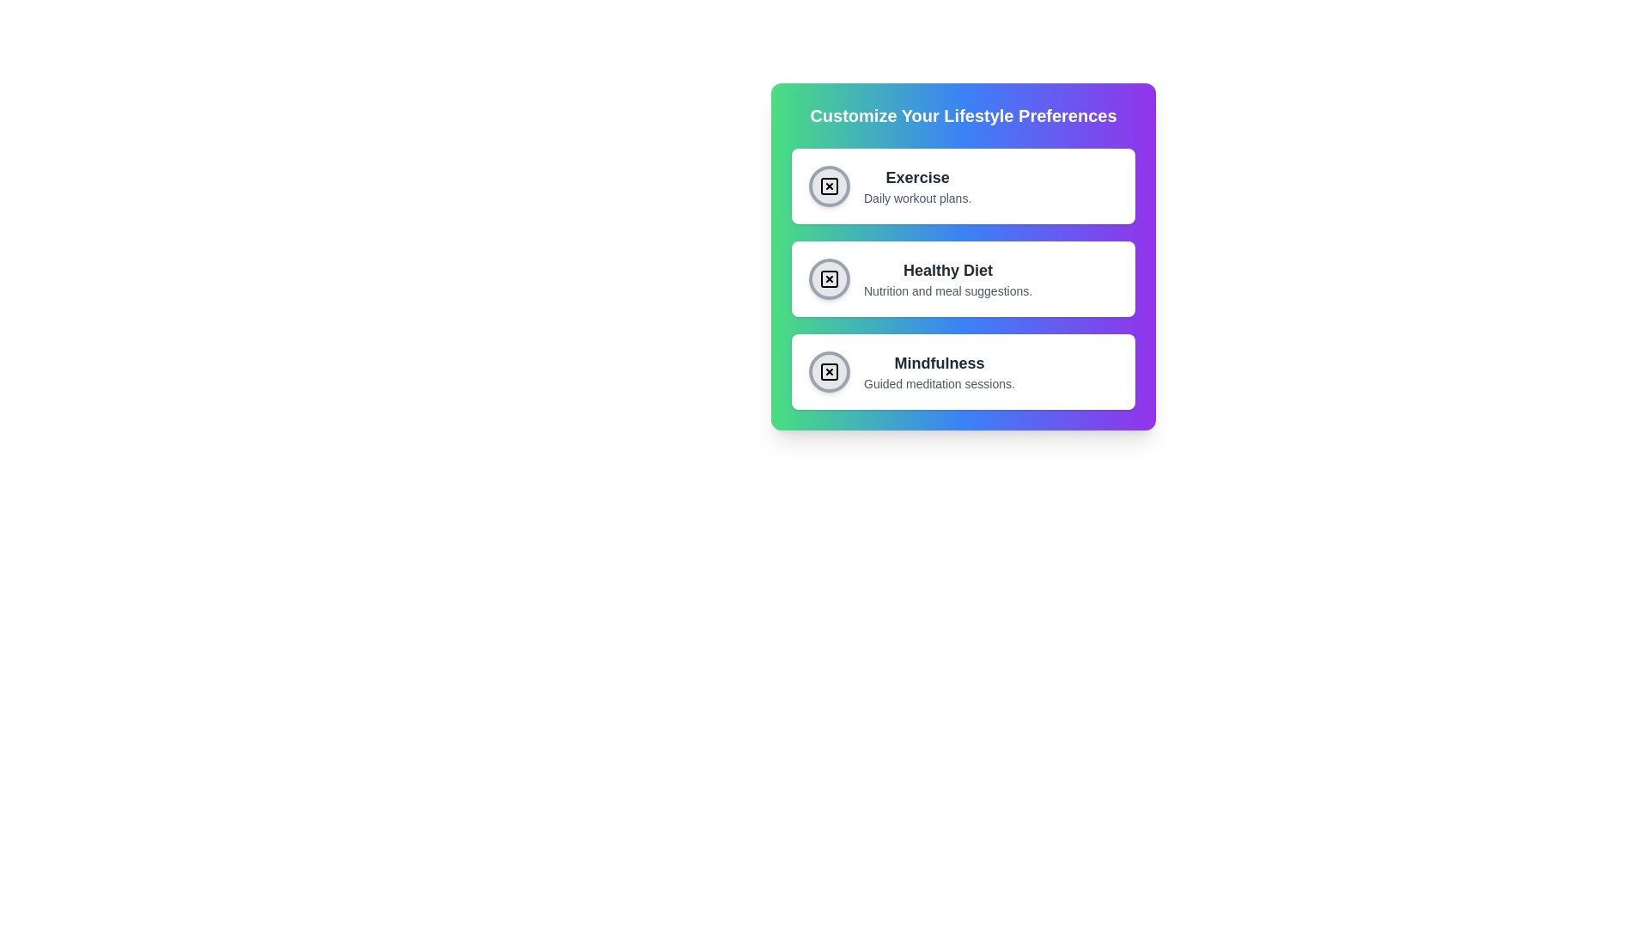 This screenshot has width=1649, height=928. I want to click on the square icon with a black border and a cross symbol (X) in the center, located to the left of the text 'Exercise' in the layout, so click(829, 186).